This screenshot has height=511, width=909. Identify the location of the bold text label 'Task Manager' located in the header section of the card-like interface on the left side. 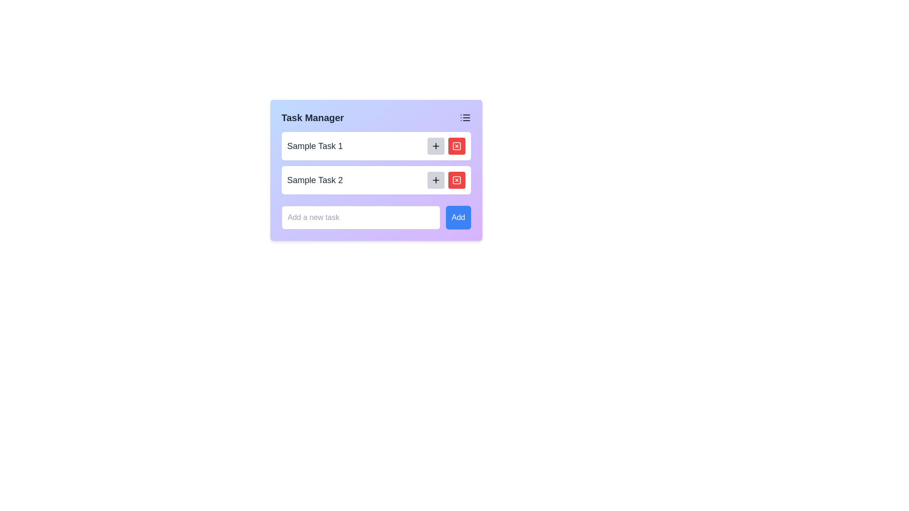
(312, 117).